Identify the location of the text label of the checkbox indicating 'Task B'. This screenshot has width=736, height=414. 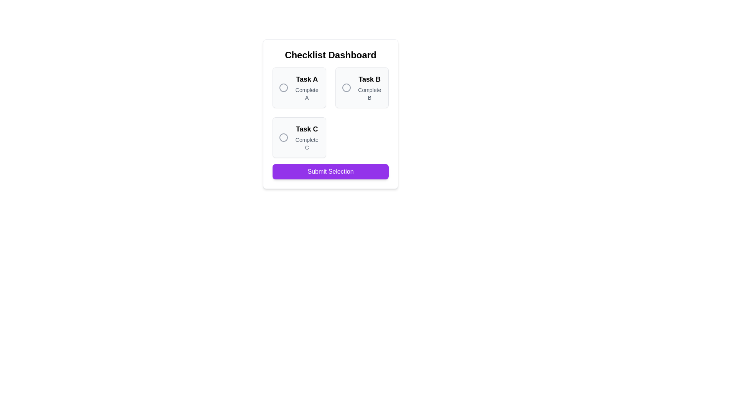
(361, 87).